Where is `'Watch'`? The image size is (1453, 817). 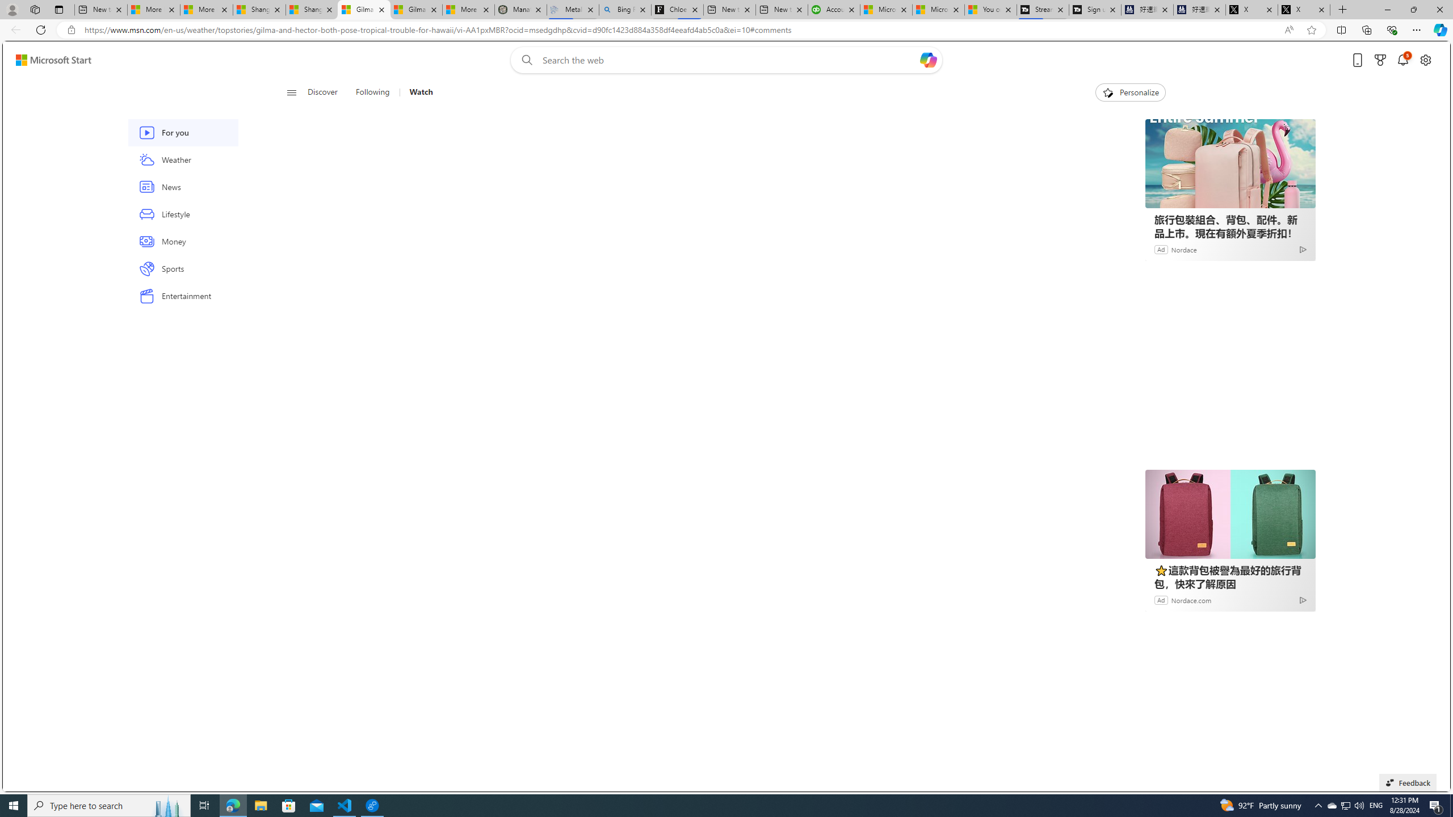
'Watch' is located at coordinates (421, 92).